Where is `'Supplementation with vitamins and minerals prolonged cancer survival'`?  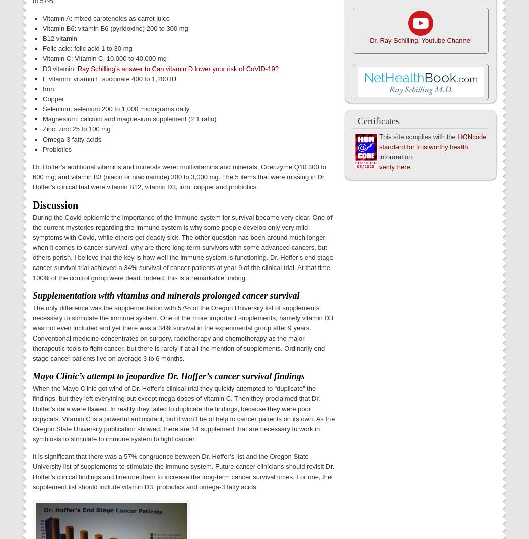
'Supplementation with vitamins and minerals prolonged cancer survival' is located at coordinates (166, 295).